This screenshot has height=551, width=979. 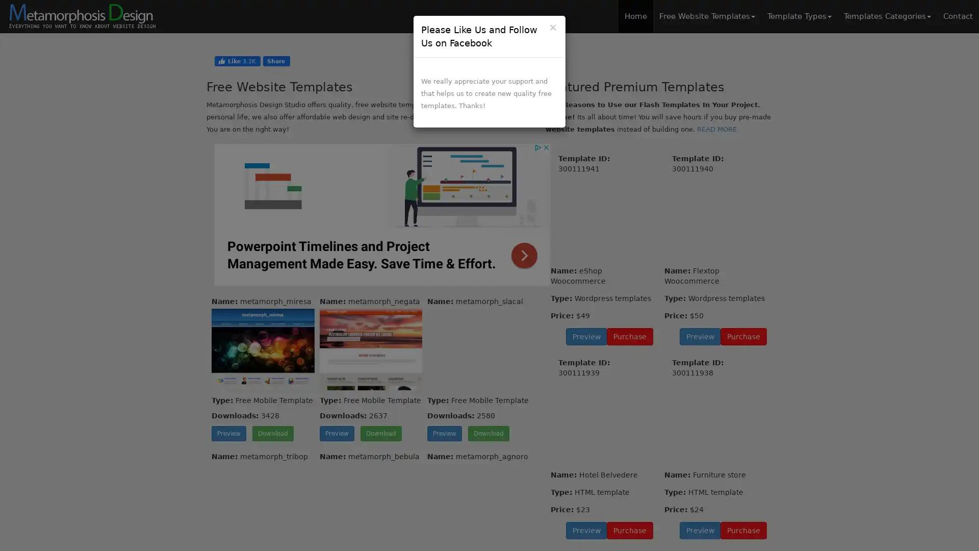 I want to click on Download, so click(x=380, y=433).